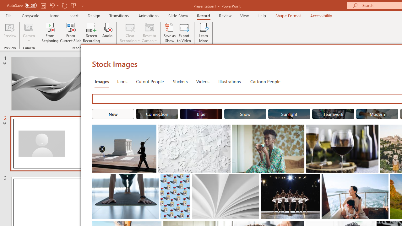 The width and height of the screenshot is (402, 226). What do you see at coordinates (149, 33) in the screenshot?
I see `'Reset to Cameo'` at bounding box center [149, 33].